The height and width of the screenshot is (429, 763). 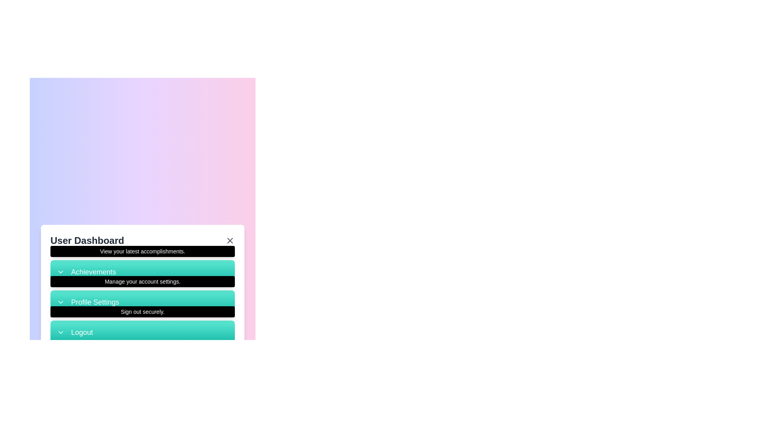 I want to click on the icon located to the left of the 'Achievements' text label in the topmost collapsible section of the dashboard menu, so click(x=60, y=271).